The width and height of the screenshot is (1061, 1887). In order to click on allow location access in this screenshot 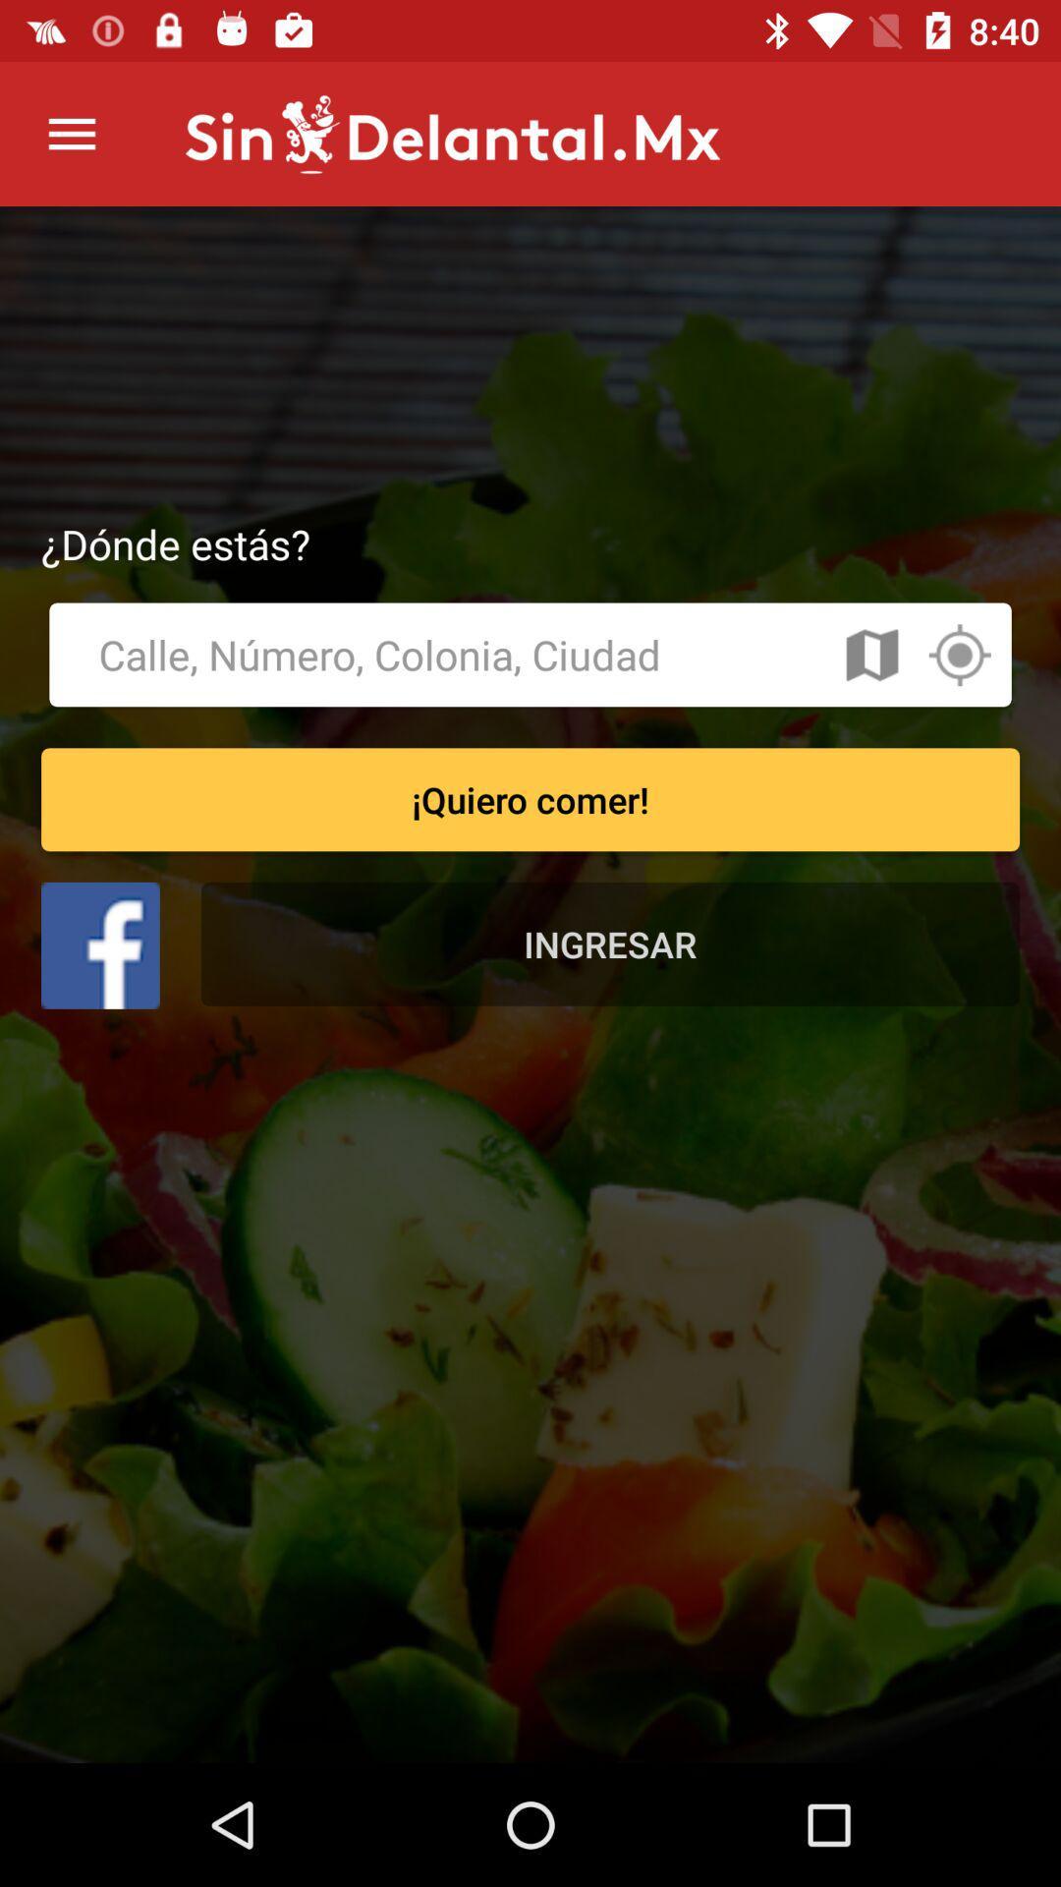, I will do `click(958, 655)`.